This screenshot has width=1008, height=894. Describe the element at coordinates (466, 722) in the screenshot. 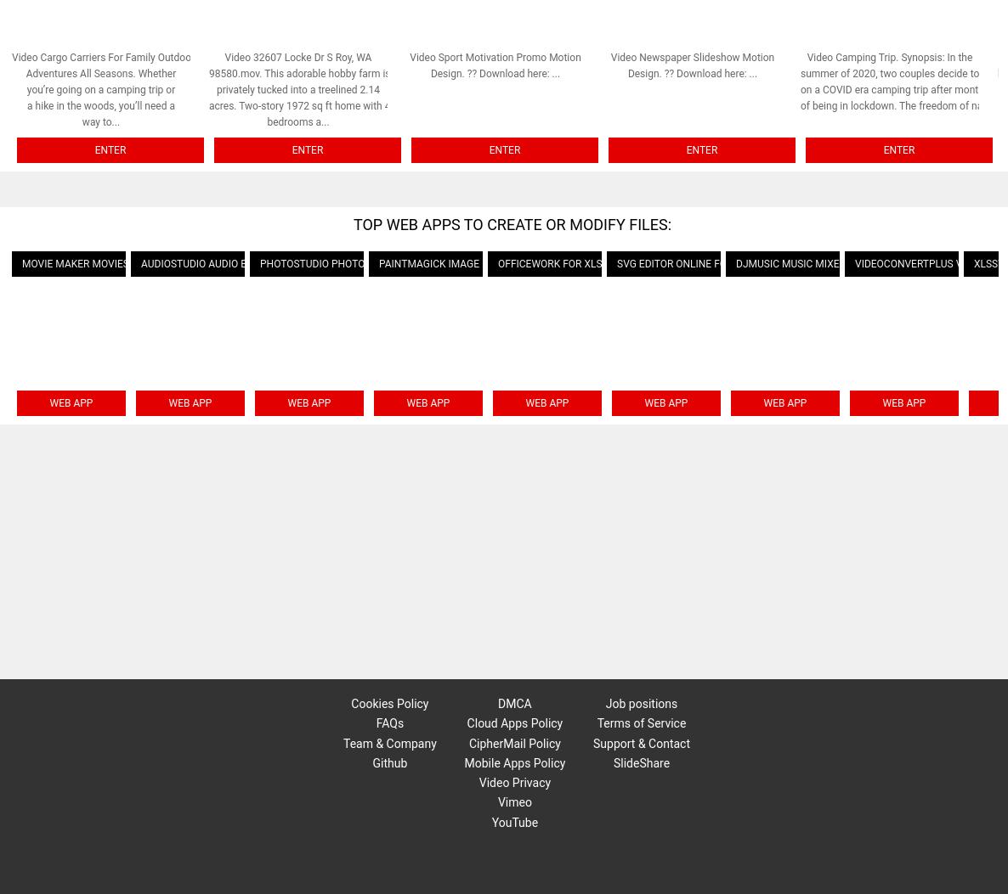

I see `'Cloud Apps Policy'` at that location.